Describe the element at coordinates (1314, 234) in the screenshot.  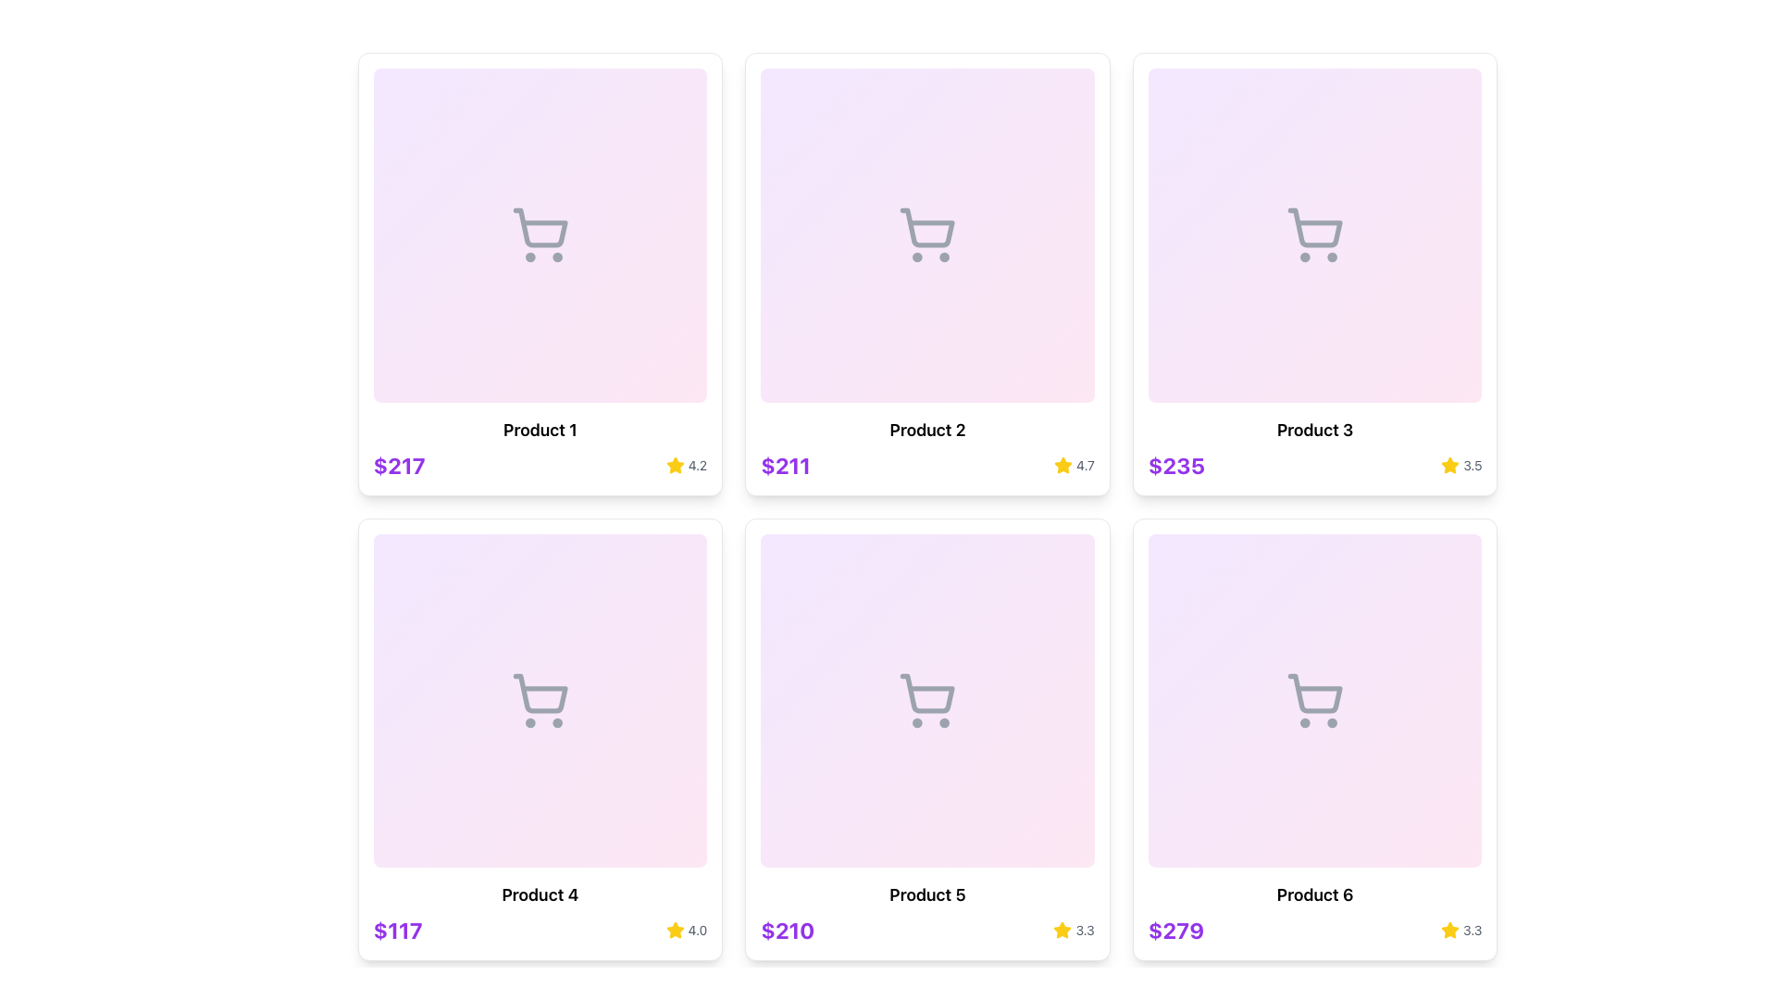
I see `the decorative shopping icon located in the central region of the third card for 'Product 3' in the top row of the product grid` at that location.